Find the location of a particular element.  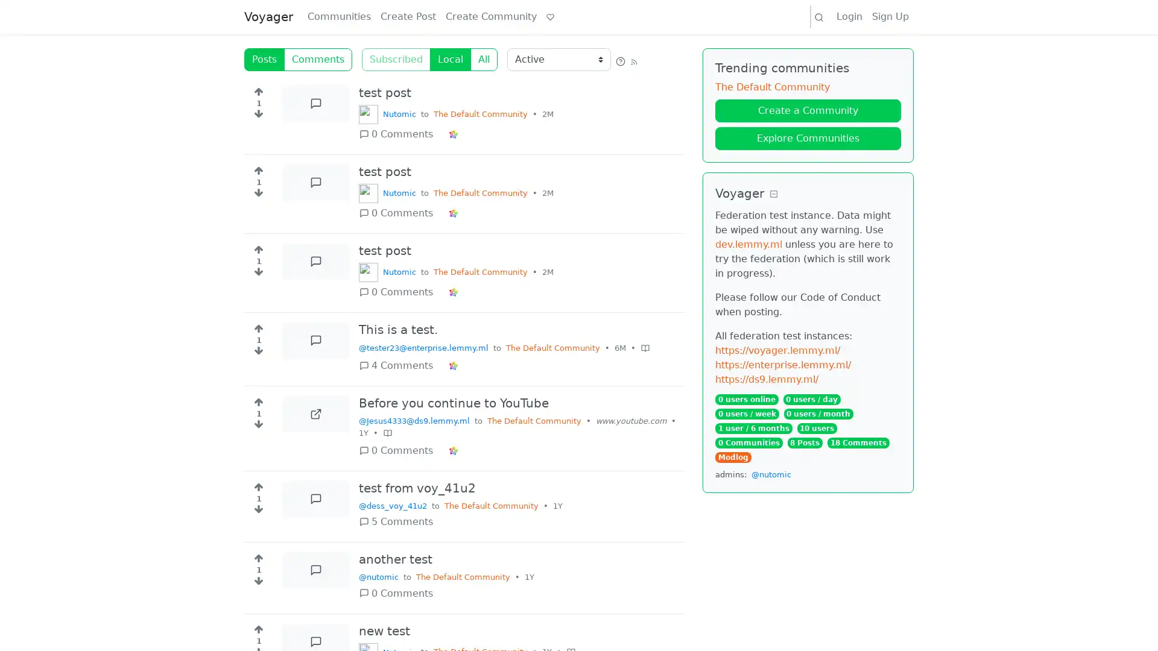

Downvote is located at coordinates (258, 511).